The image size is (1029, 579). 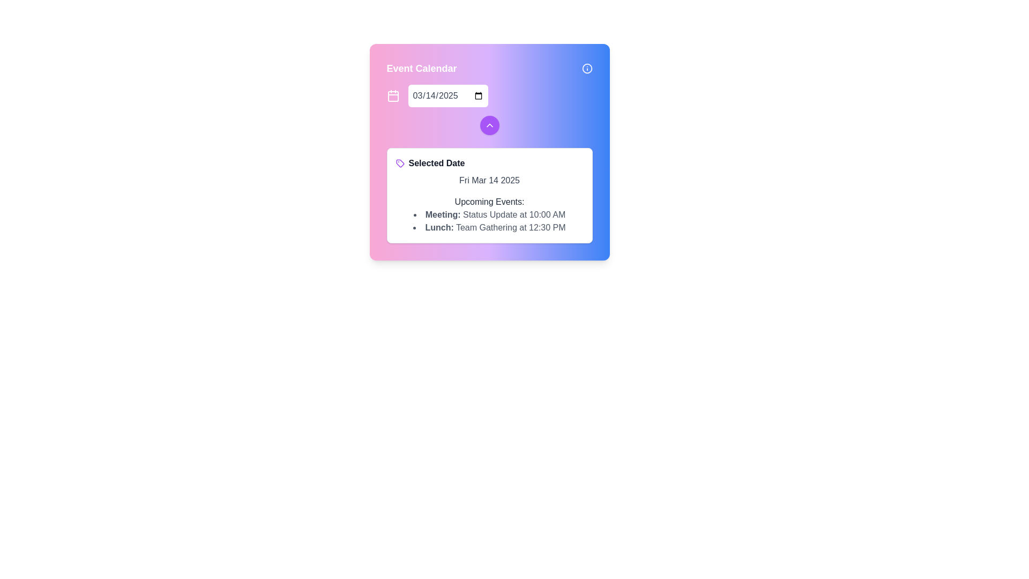 What do you see at coordinates (586, 68) in the screenshot?
I see `the Circular Icon located at the top-right corner of the 'Event Calendar' card, which provides additional context or help related to the interface` at bounding box center [586, 68].